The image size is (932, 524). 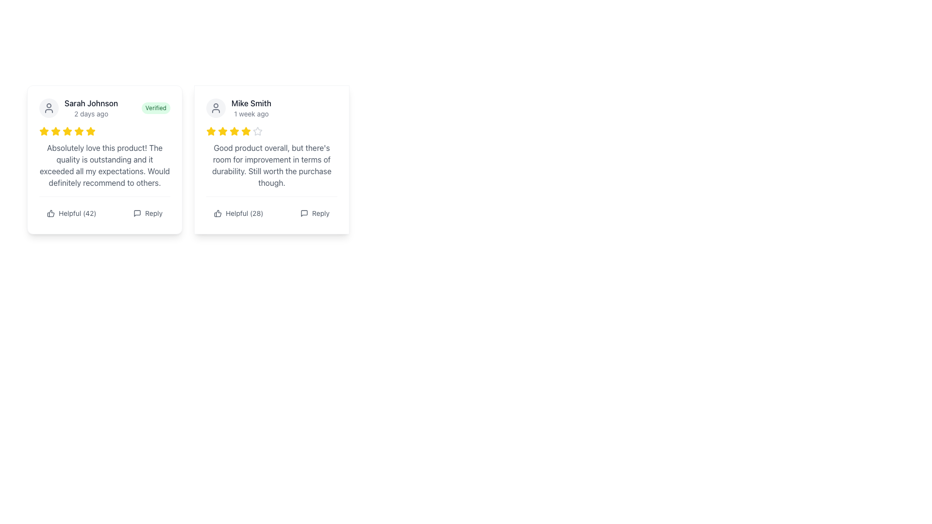 What do you see at coordinates (91, 114) in the screenshot?
I see `the text label that indicates the time elapsed since the review was posted, which is located below 'Sarah Johnson' on the review card in the top-left section` at bounding box center [91, 114].